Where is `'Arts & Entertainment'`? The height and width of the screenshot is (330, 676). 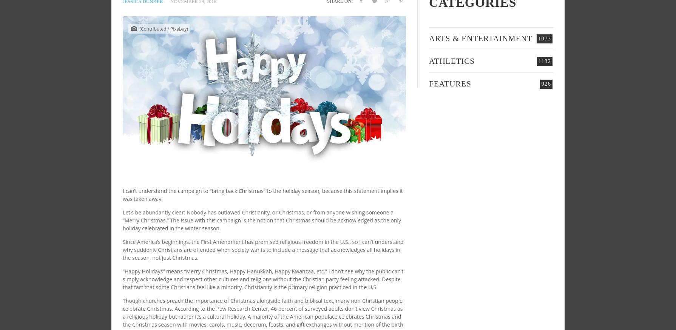 'Arts & Entertainment' is located at coordinates (480, 38).